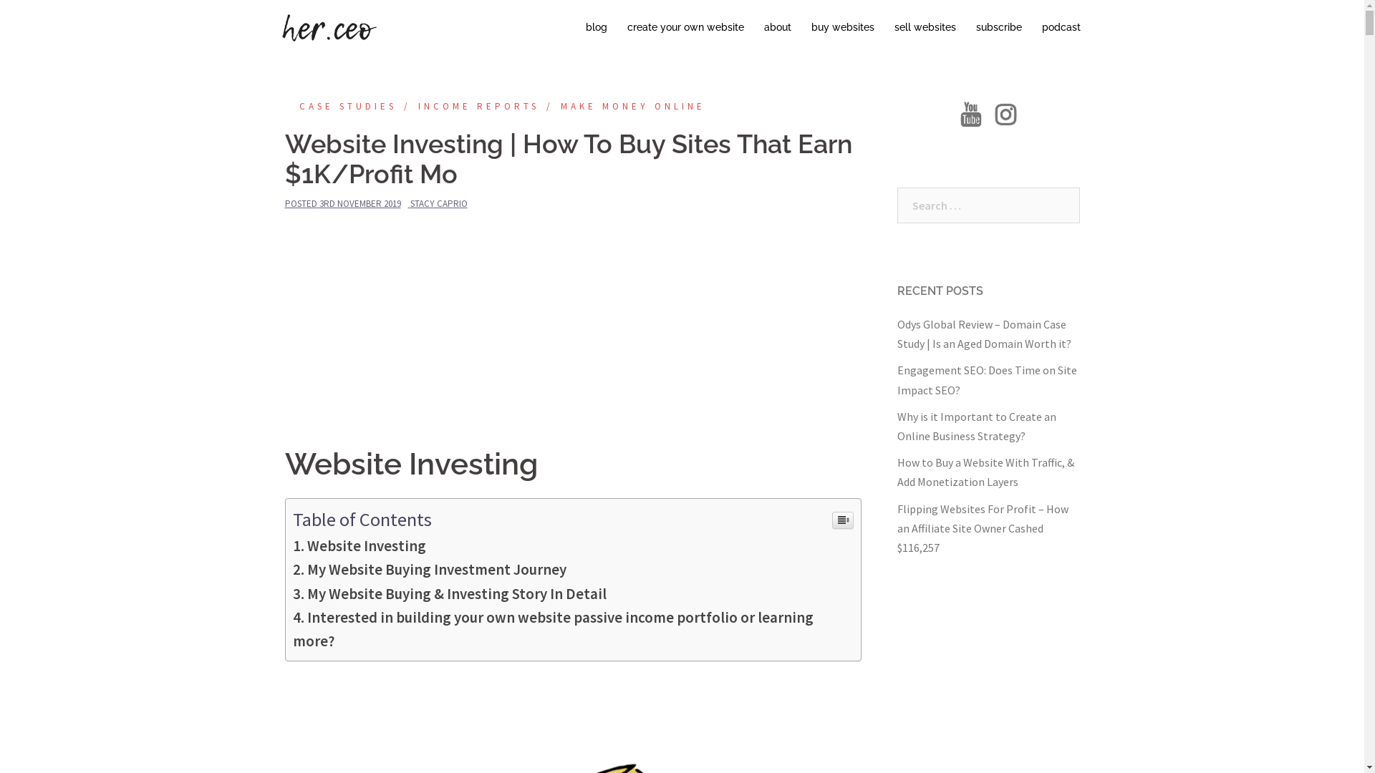 The image size is (1375, 773). What do you see at coordinates (984, 472) in the screenshot?
I see `'How to Buy a Website With Traffic, & Add Monetization Layers'` at bounding box center [984, 472].